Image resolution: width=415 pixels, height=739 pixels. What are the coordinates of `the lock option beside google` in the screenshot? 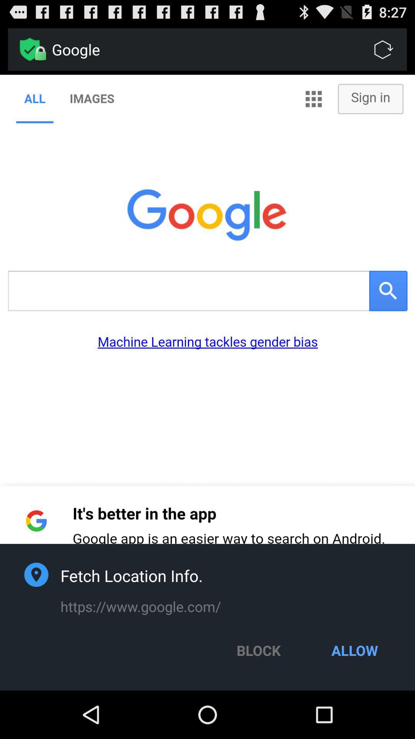 It's located at (40, 53).